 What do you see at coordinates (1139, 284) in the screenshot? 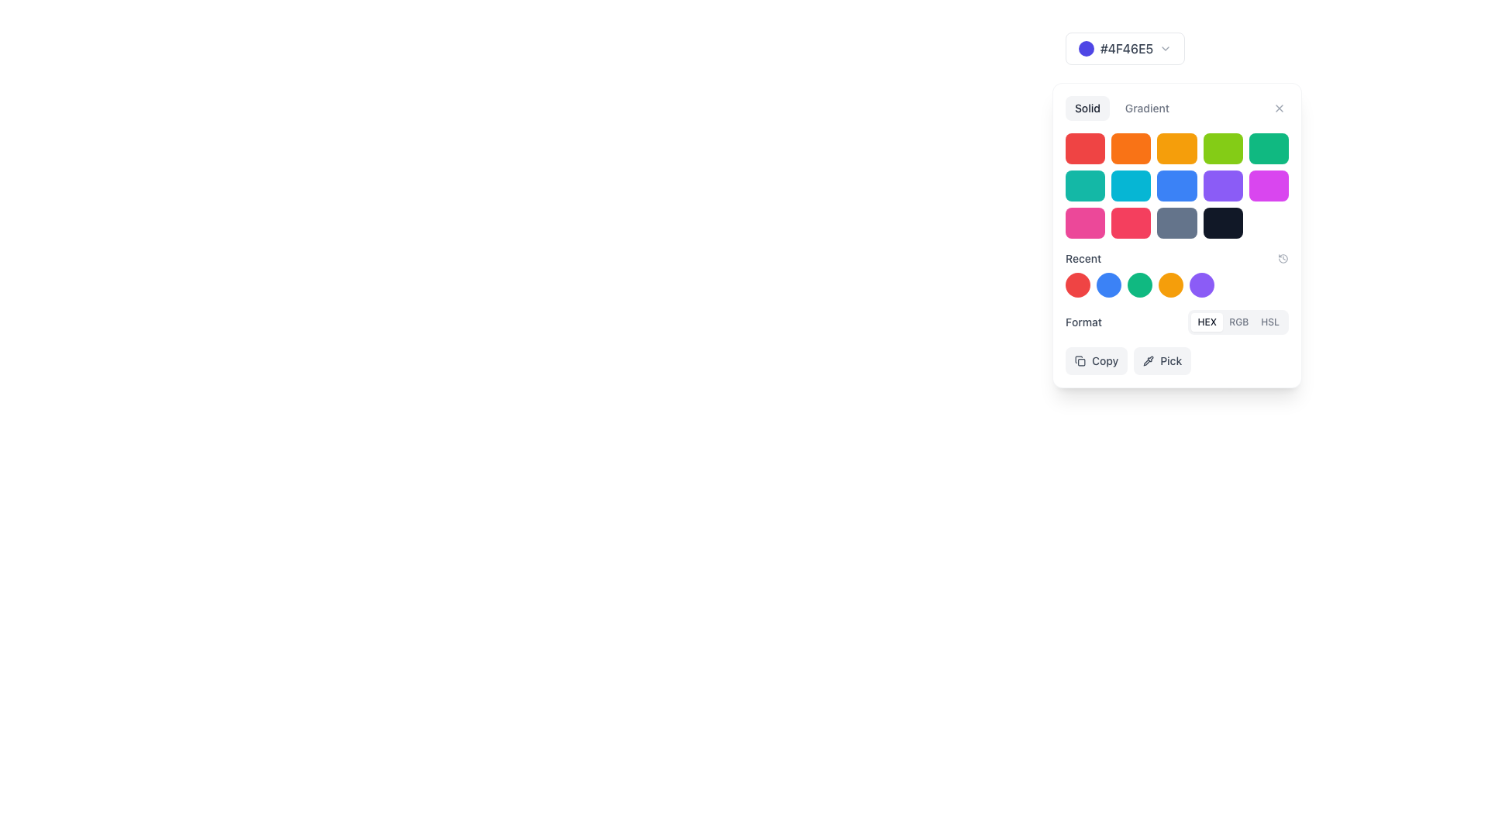
I see `the circular interactive icon, which is a solid green icon with a subtle hover effect, located in the top-right section of the interface` at bounding box center [1139, 284].